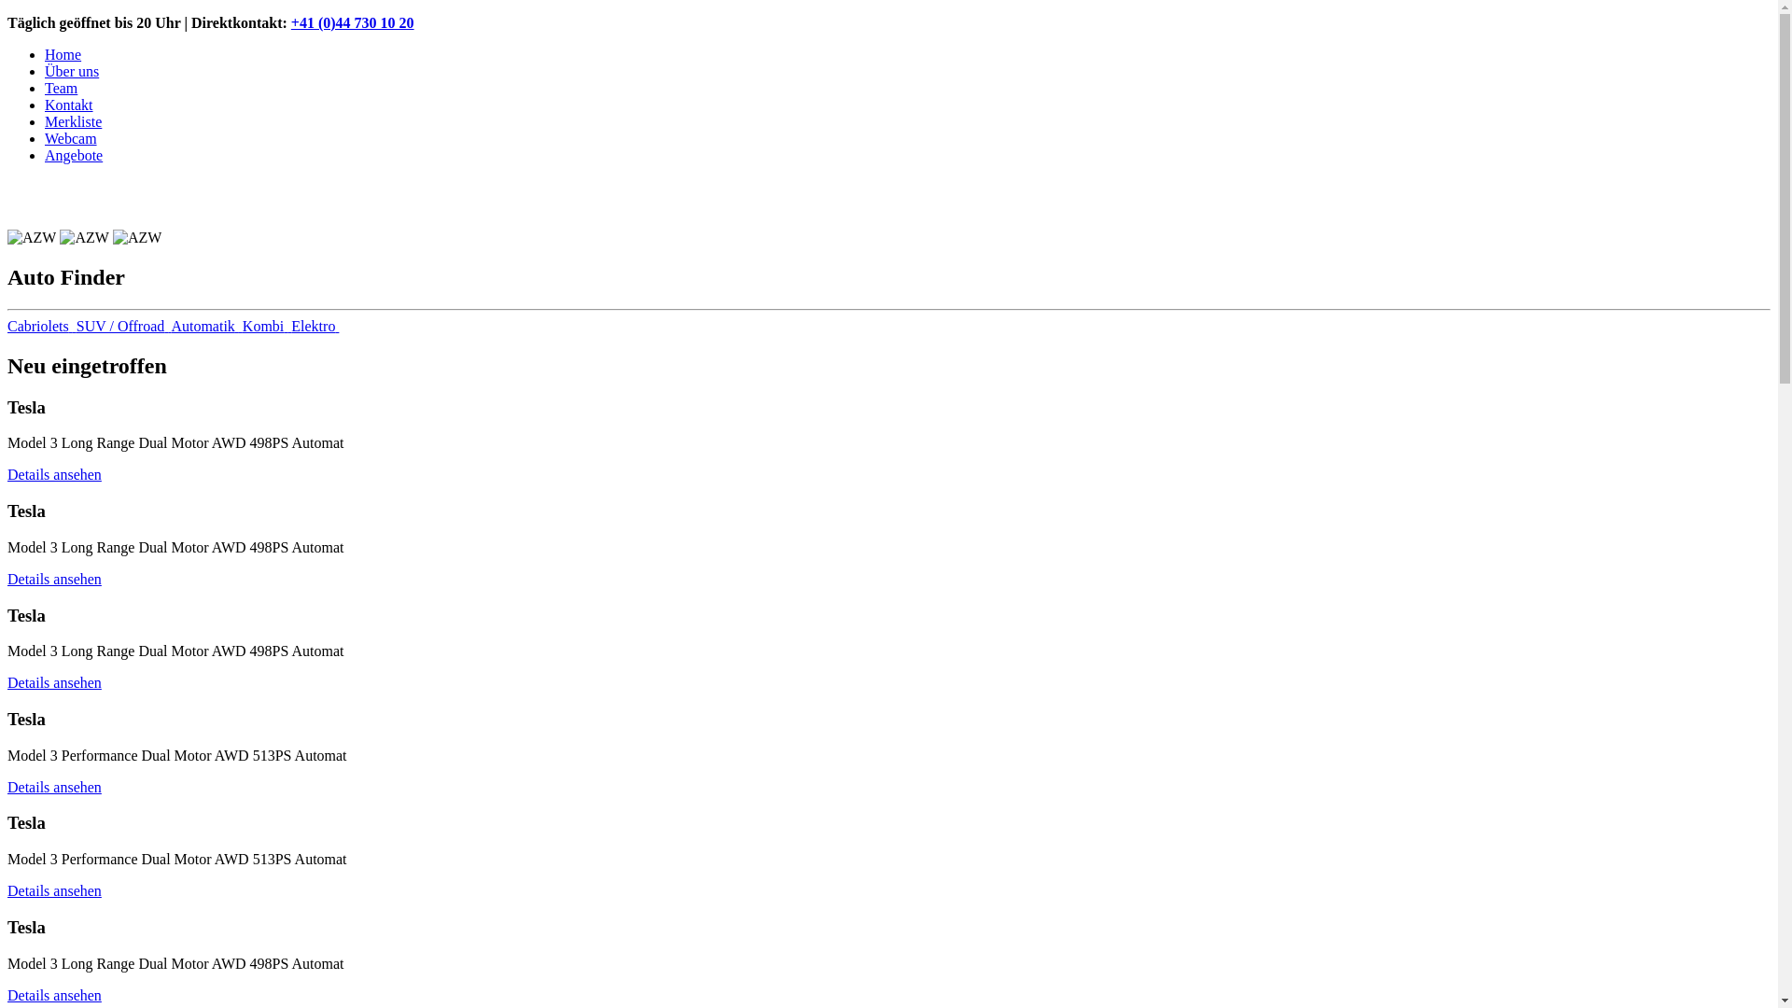 The image size is (1792, 1008). Describe the element at coordinates (63, 53) in the screenshot. I see `'Home'` at that location.